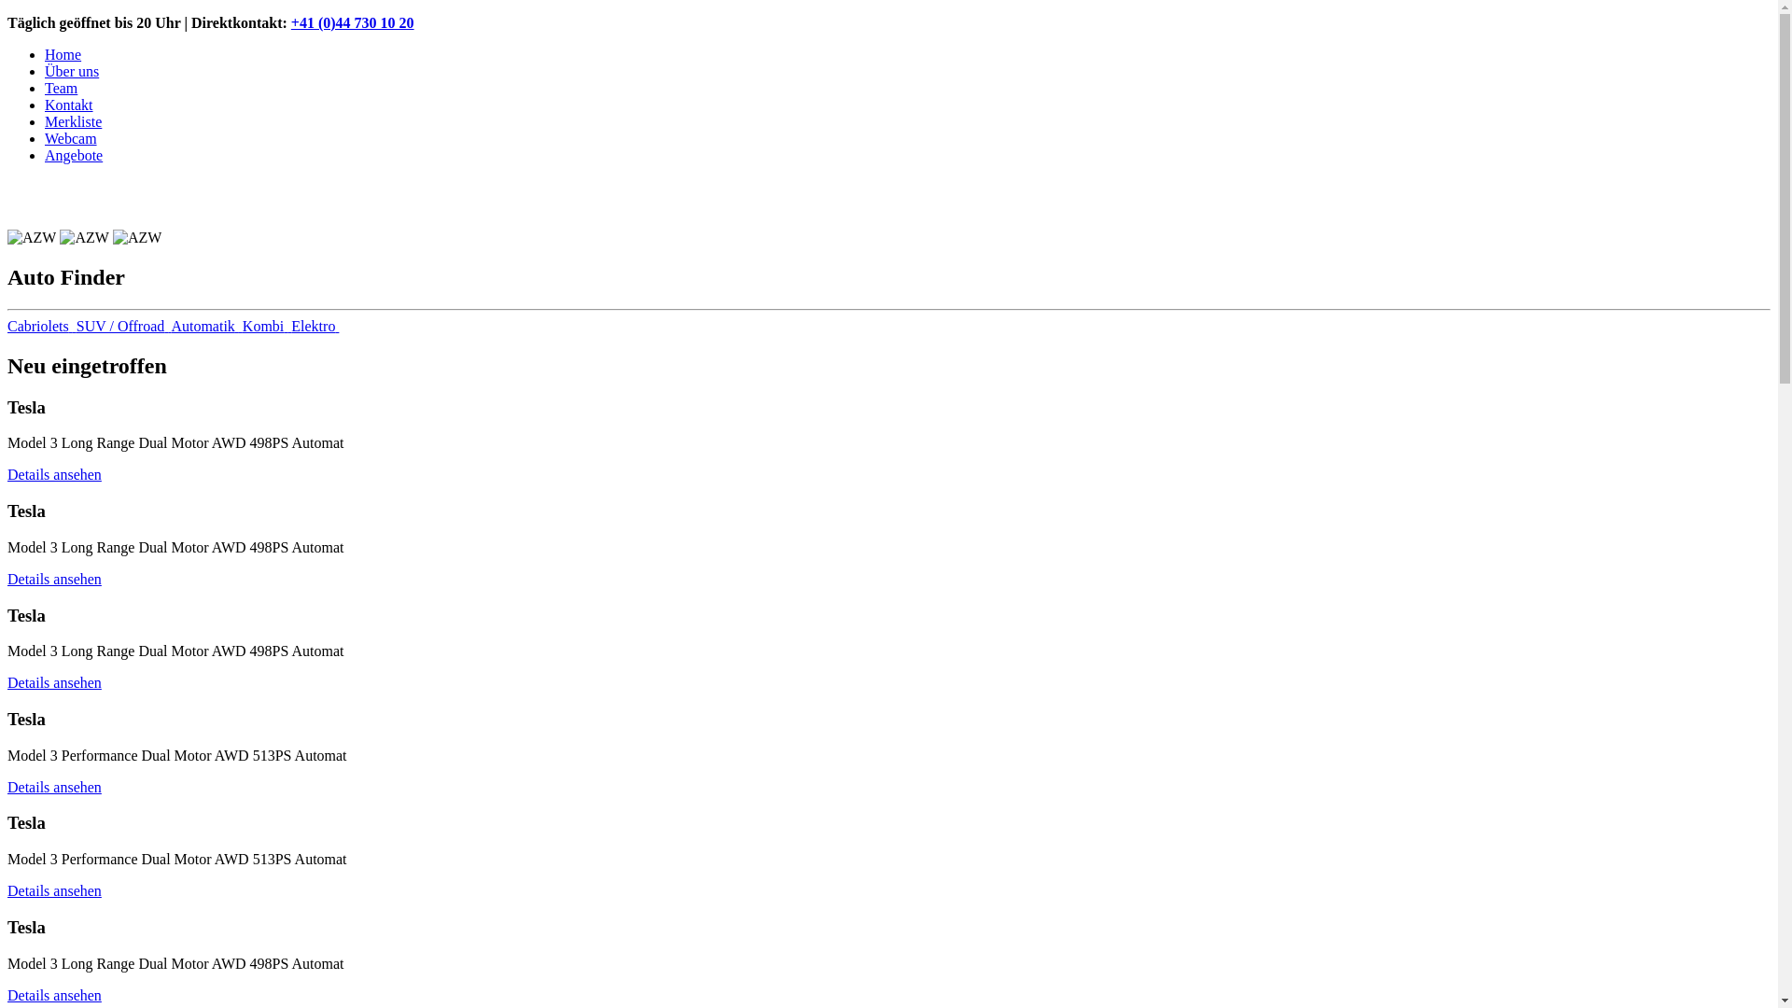 The image size is (1792, 1008). Describe the element at coordinates (63, 53) in the screenshot. I see `'Home'` at that location.